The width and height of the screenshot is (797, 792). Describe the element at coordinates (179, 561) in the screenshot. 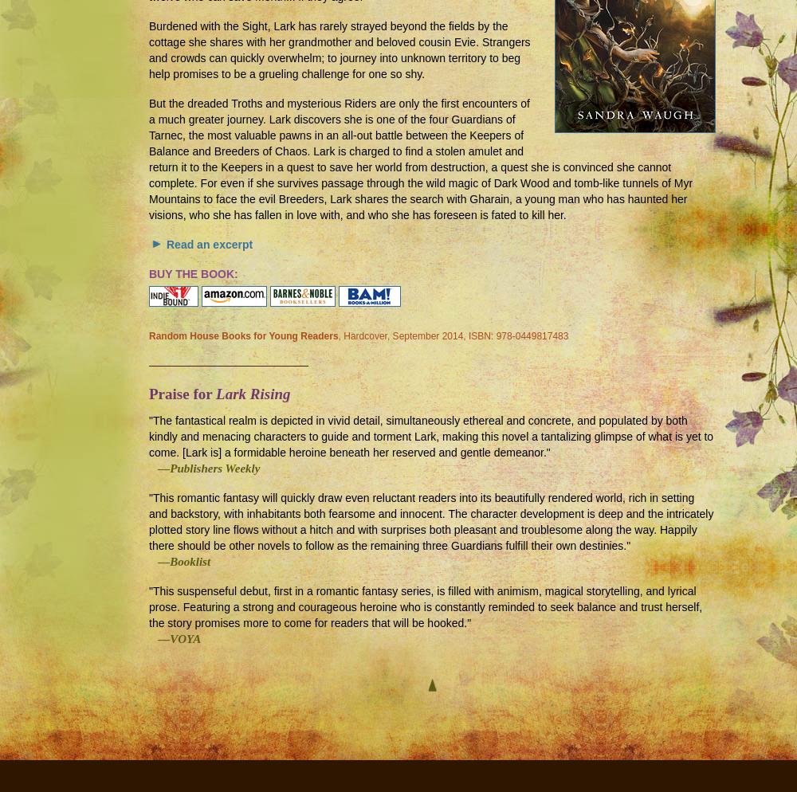

I see `'—Booklist'` at that location.